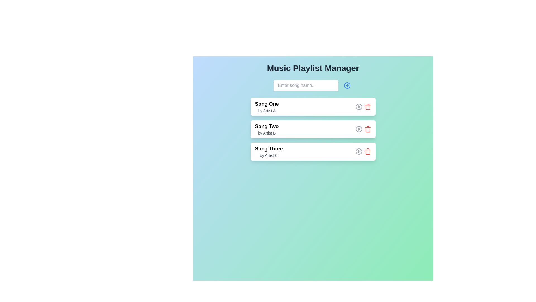  Describe the element at coordinates (266, 104) in the screenshot. I see `the text label displaying 'Song One', which is positioned at the top of the vertical list structure and styled in bold black font` at that location.